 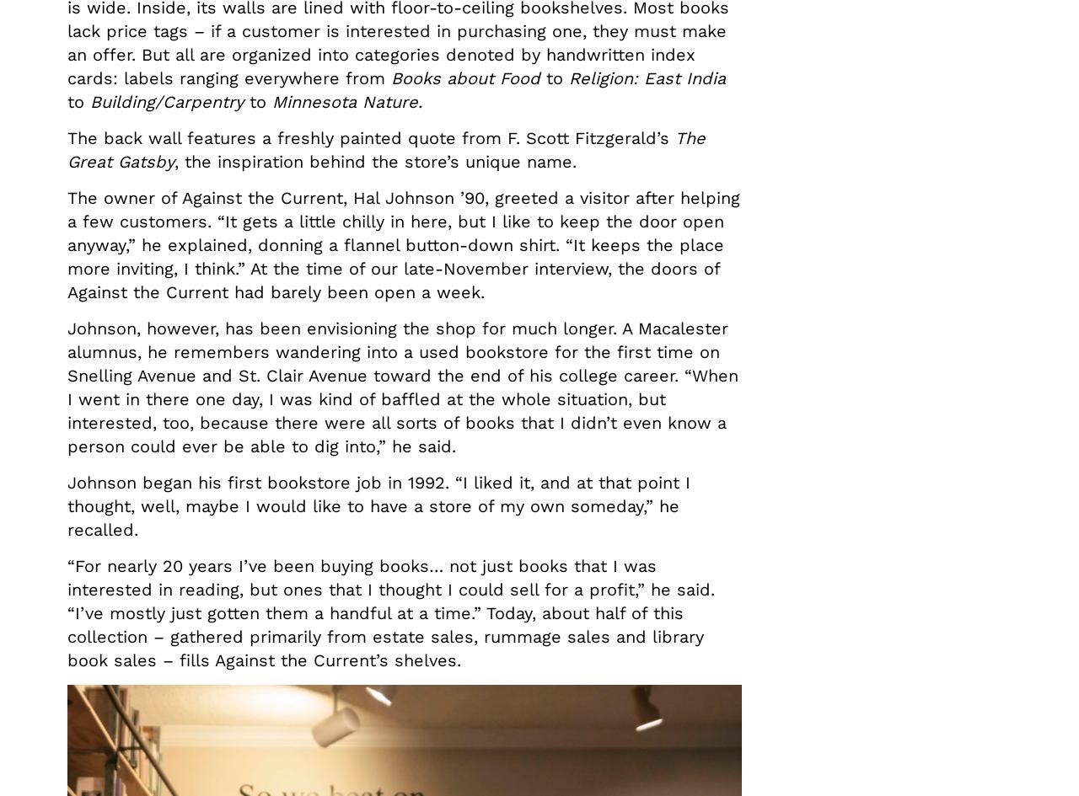 I want to click on 'The owner of Against the Current, Hal Johnson ’90, greeted a visitor after helping a few customers. “It gets a little chilly in here, but I like to keep the door open anyway,” he explained, donning a flannel button-down shirt. “It keeps the place more inviting, I think.” At the time of our late-November interview, the doors of Against the Current had barely been open a week.', so click(x=402, y=244).